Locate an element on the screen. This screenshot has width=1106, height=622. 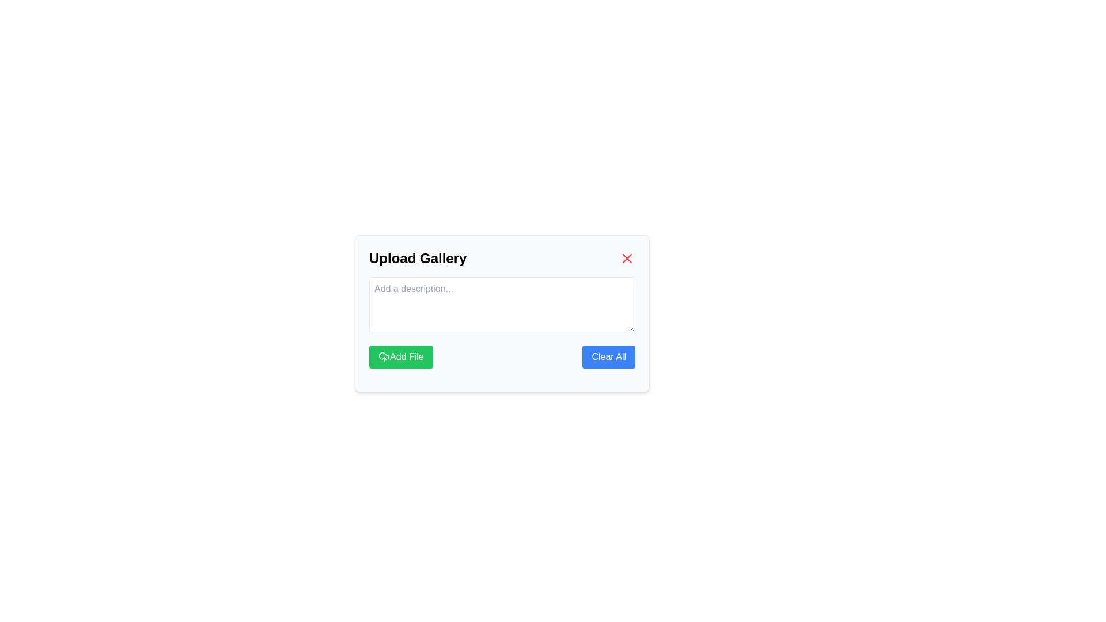
the green button labeled 'Add File' which contains a cloud-shaped icon with an upward arrow in its center is located at coordinates (384, 356).